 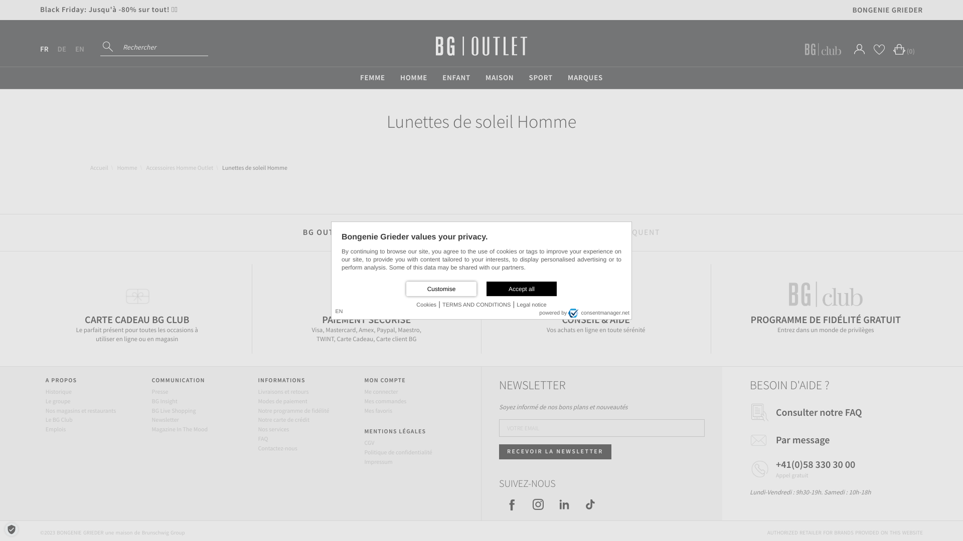 What do you see at coordinates (277, 448) in the screenshot?
I see `'Contactez-nous'` at bounding box center [277, 448].